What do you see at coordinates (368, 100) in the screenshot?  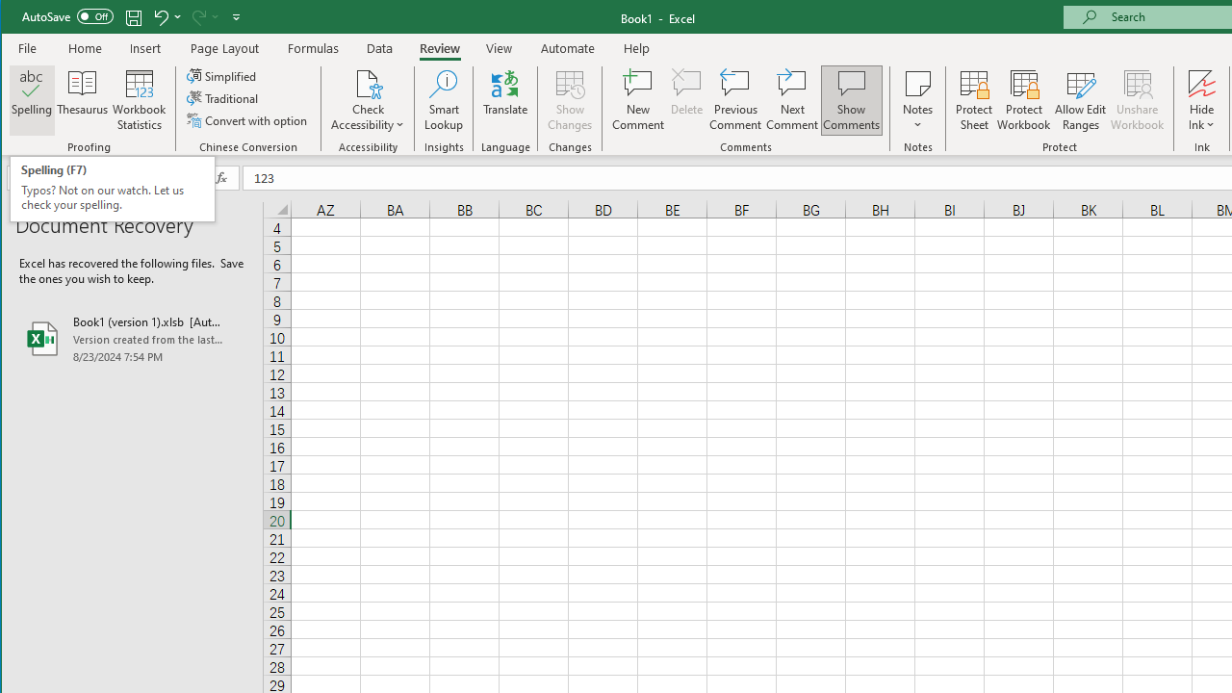 I see `'Check Accessibility'` at bounding box center [368, 100].